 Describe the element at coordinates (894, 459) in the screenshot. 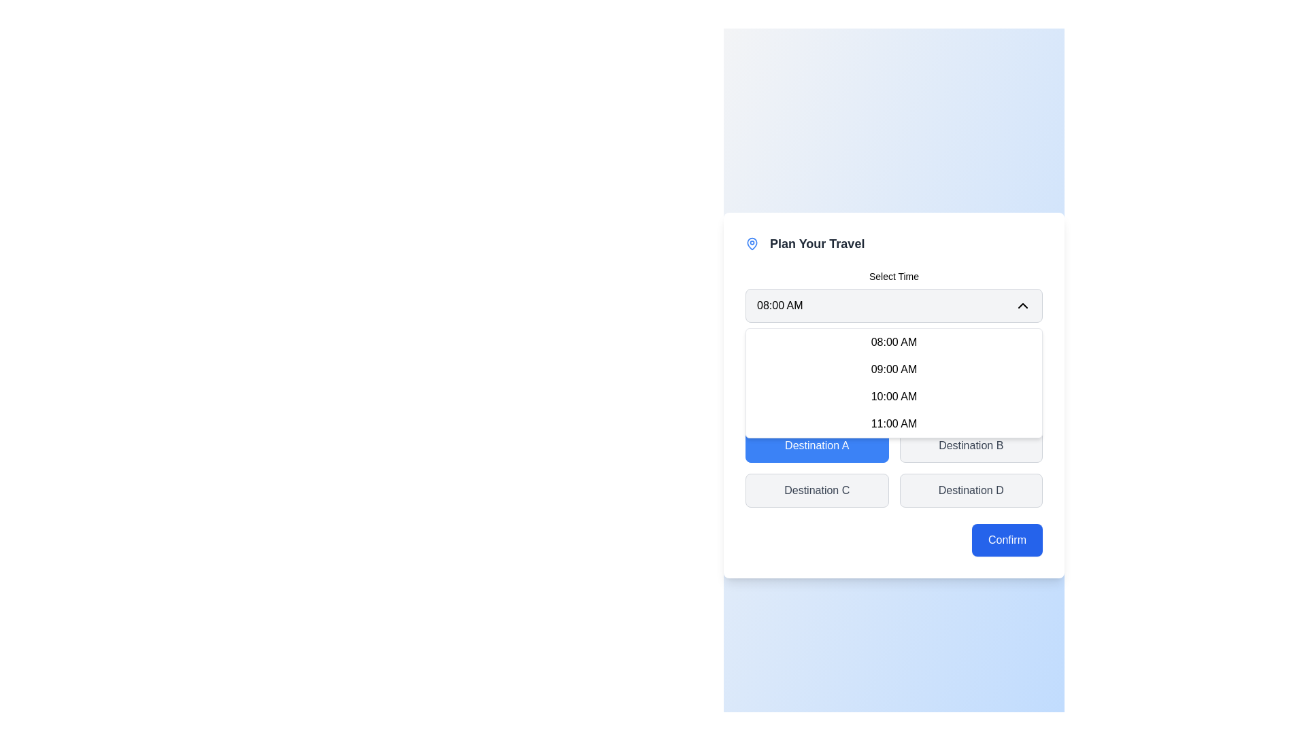

I see `the highlighted button 'Destination A' in the button grid` at that location.